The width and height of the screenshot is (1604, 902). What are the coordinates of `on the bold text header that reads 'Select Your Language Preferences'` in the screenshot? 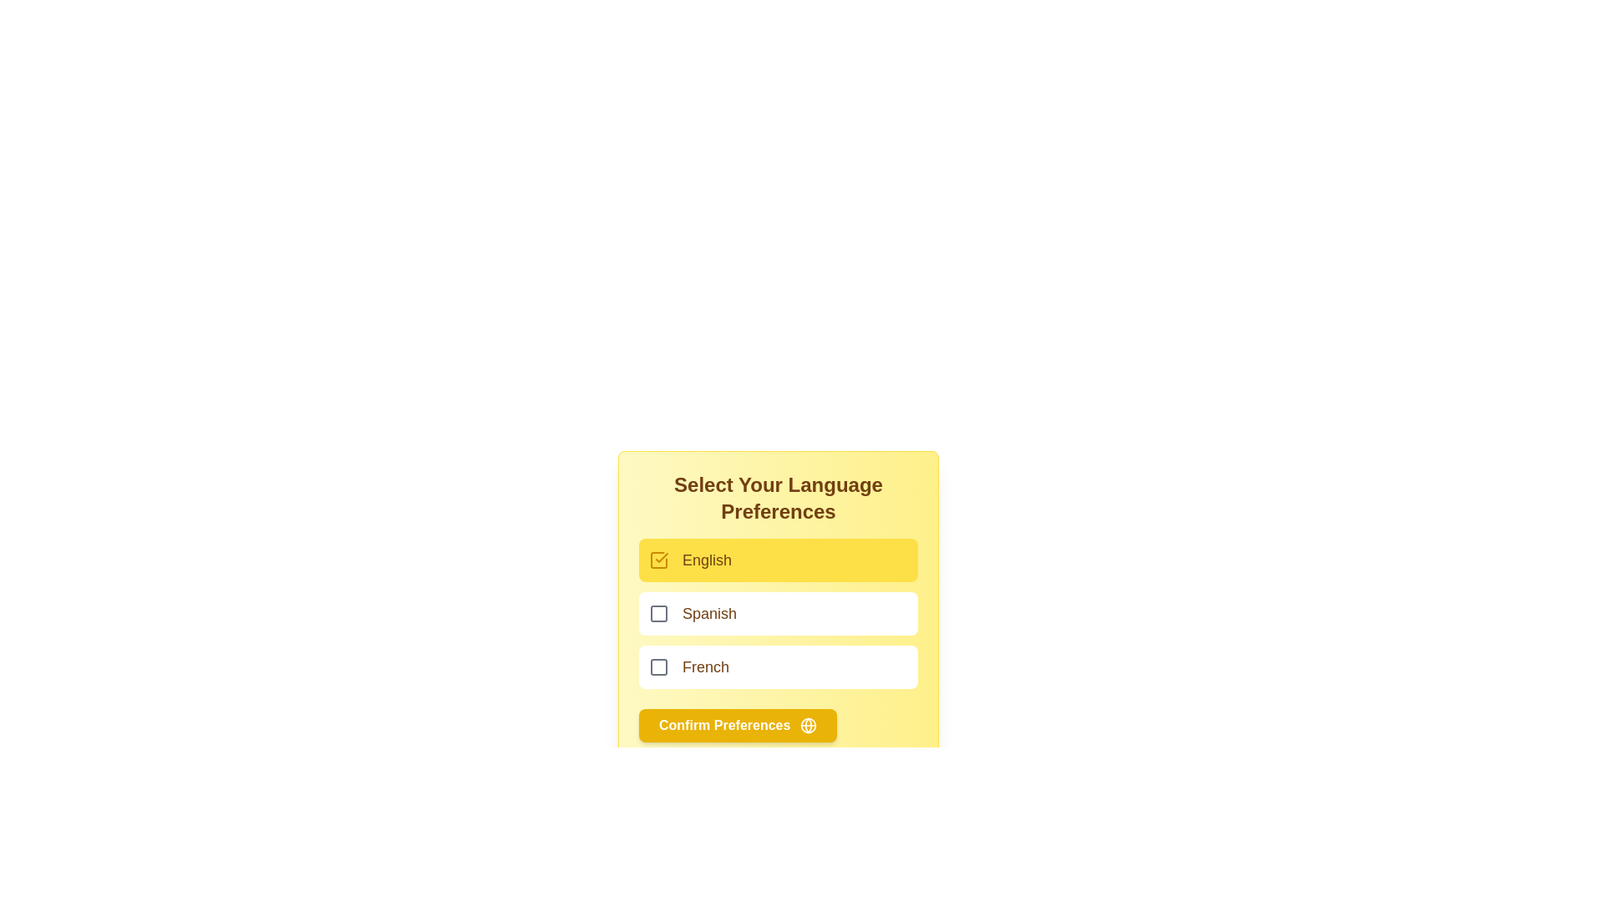 It's located at (777, 498).